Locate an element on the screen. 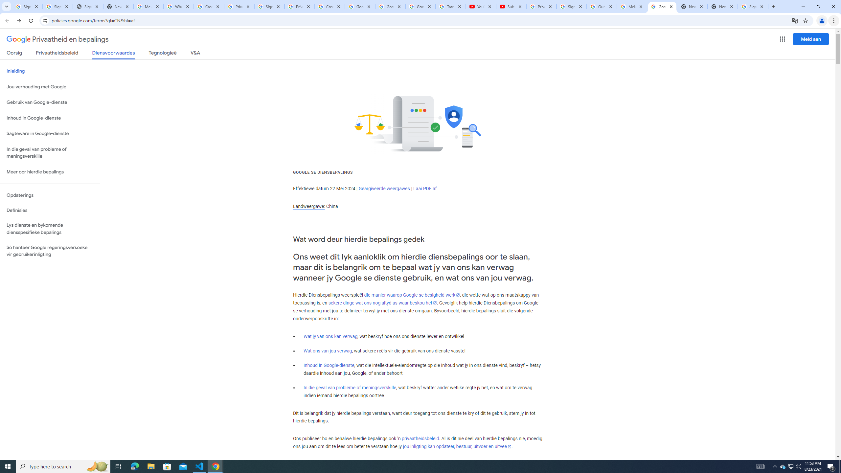  'Lys dienste en bykomende diensspesifieke bepalings' is located at coordinates (50, 229).